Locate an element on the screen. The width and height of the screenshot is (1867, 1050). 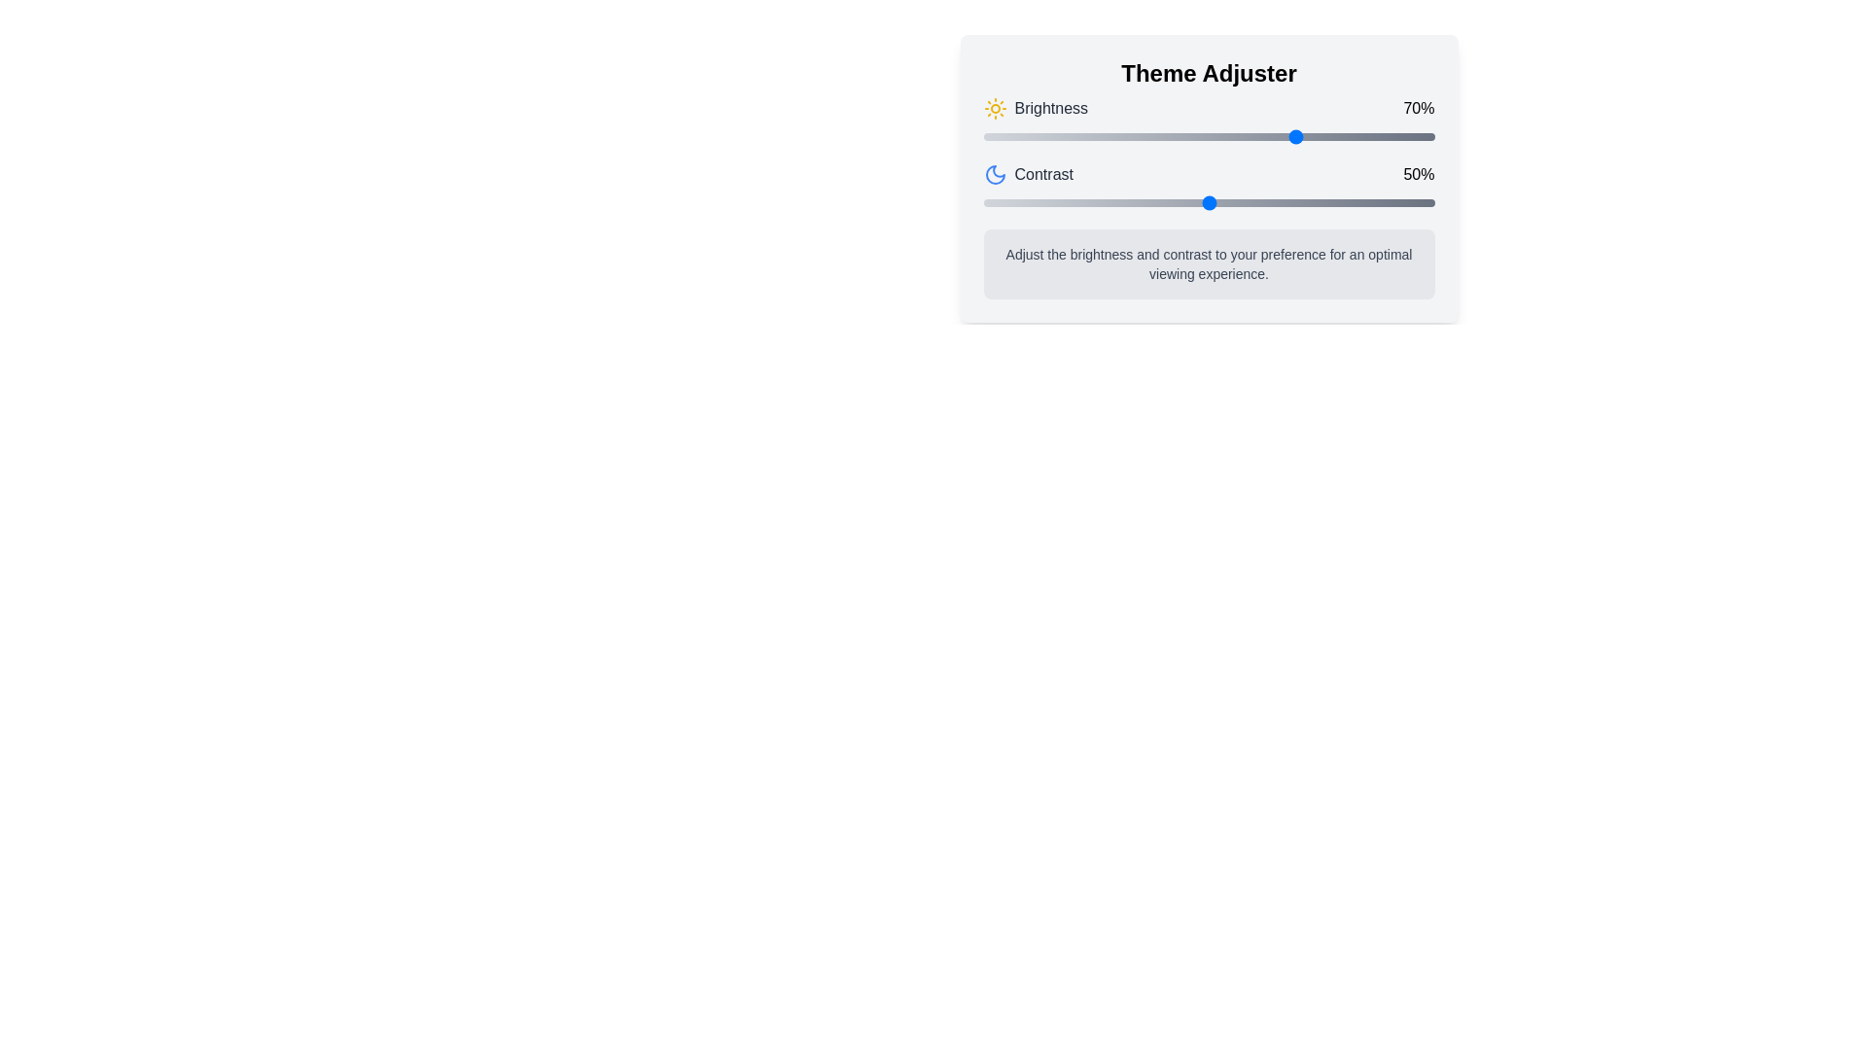
contrast is located at coordinates (1059, 202).